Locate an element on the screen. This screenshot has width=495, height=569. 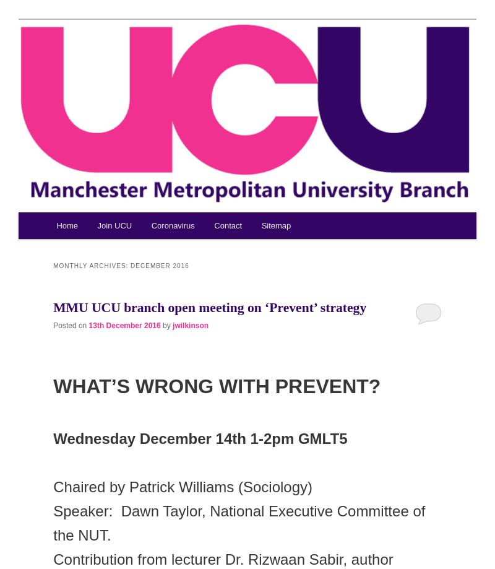
'by' is located at coordinates (161, 324).